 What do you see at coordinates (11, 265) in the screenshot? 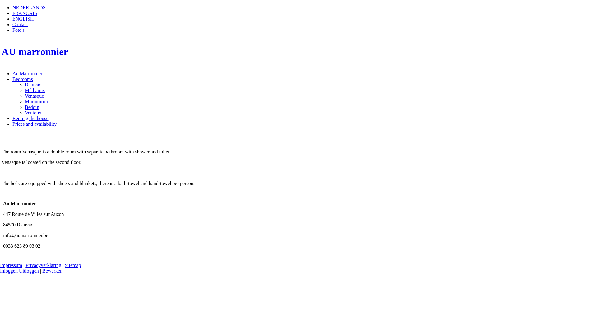
I see `'Impressum'` at bounding box center [11, 265].